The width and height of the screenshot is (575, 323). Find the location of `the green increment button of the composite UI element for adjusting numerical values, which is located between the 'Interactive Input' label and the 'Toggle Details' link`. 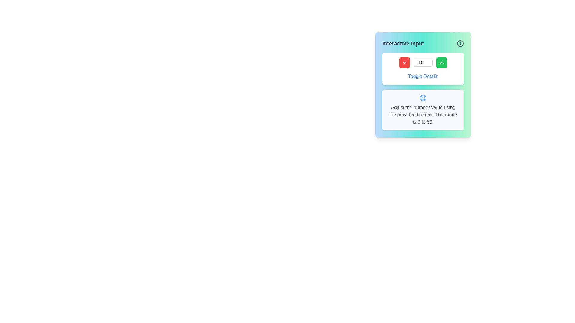

the green increment button of the composite UI element for adjusting numerical values, which is located between the 'Interactive Input' label and the 'Toggle Details' link is located at coordinates (423, 63).